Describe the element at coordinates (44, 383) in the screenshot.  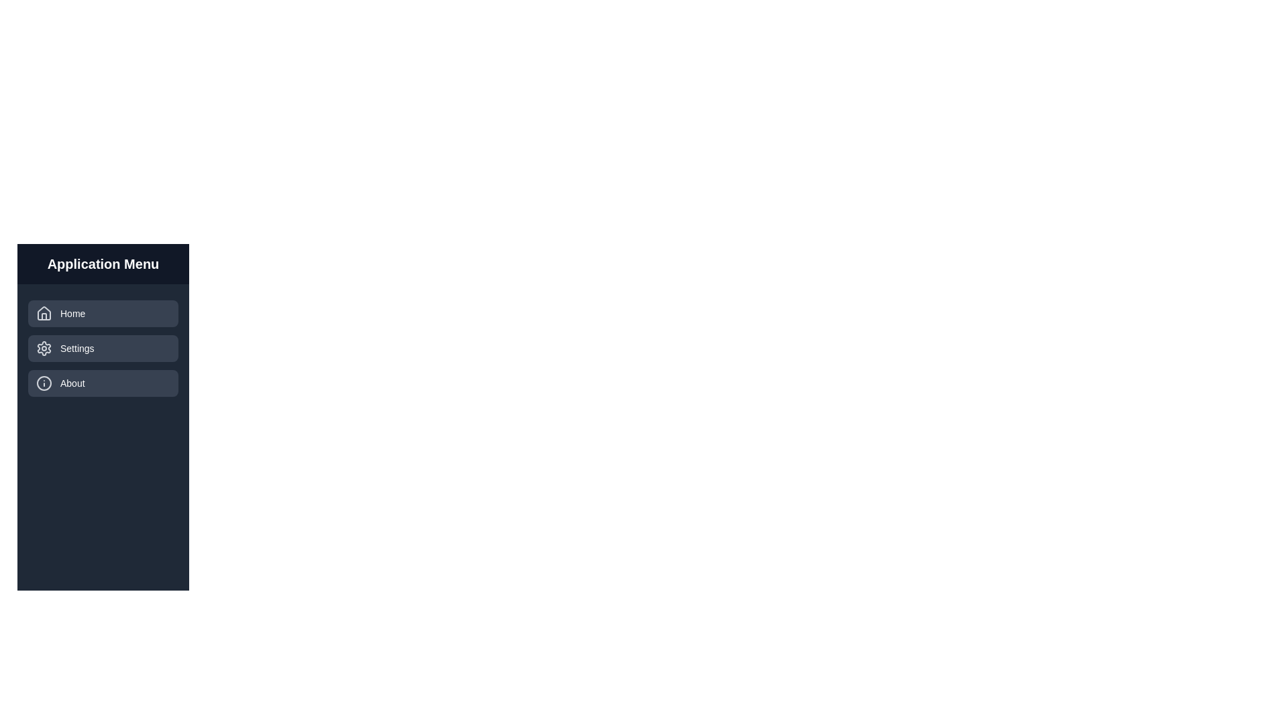
I see `the icon next to the About menu item` at that location.